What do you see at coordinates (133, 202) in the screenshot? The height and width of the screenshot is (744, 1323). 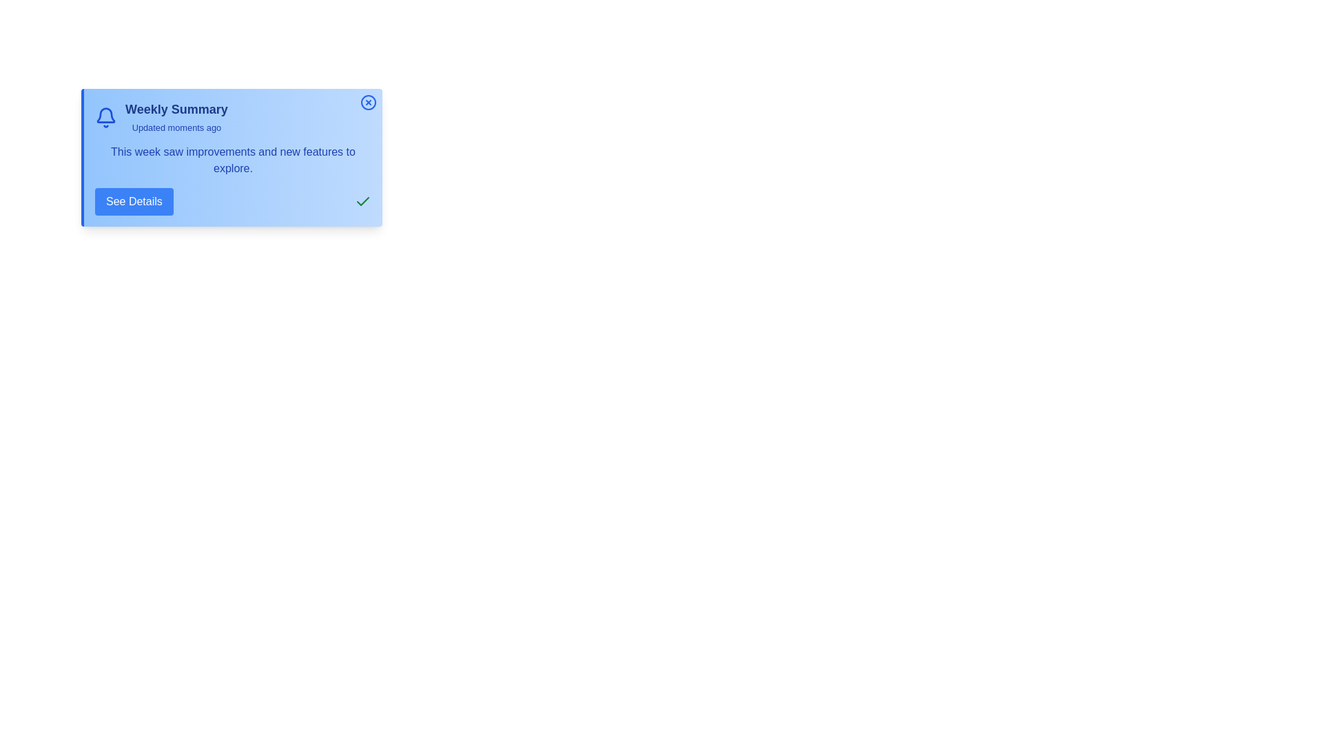 I see `the 'See Details' button to toggle the details section` at bounding box center [133, 202].